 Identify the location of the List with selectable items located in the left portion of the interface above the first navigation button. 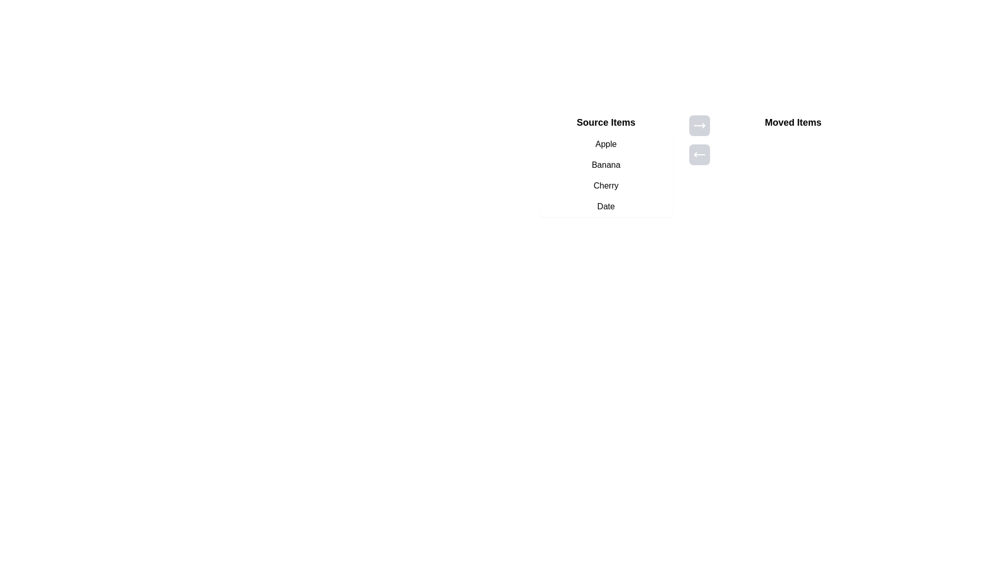
(606, 166).